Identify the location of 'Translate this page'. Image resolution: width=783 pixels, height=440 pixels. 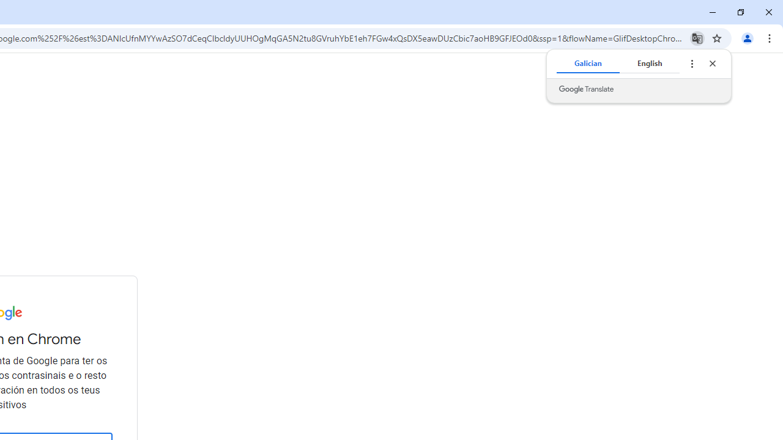
(697, 37).